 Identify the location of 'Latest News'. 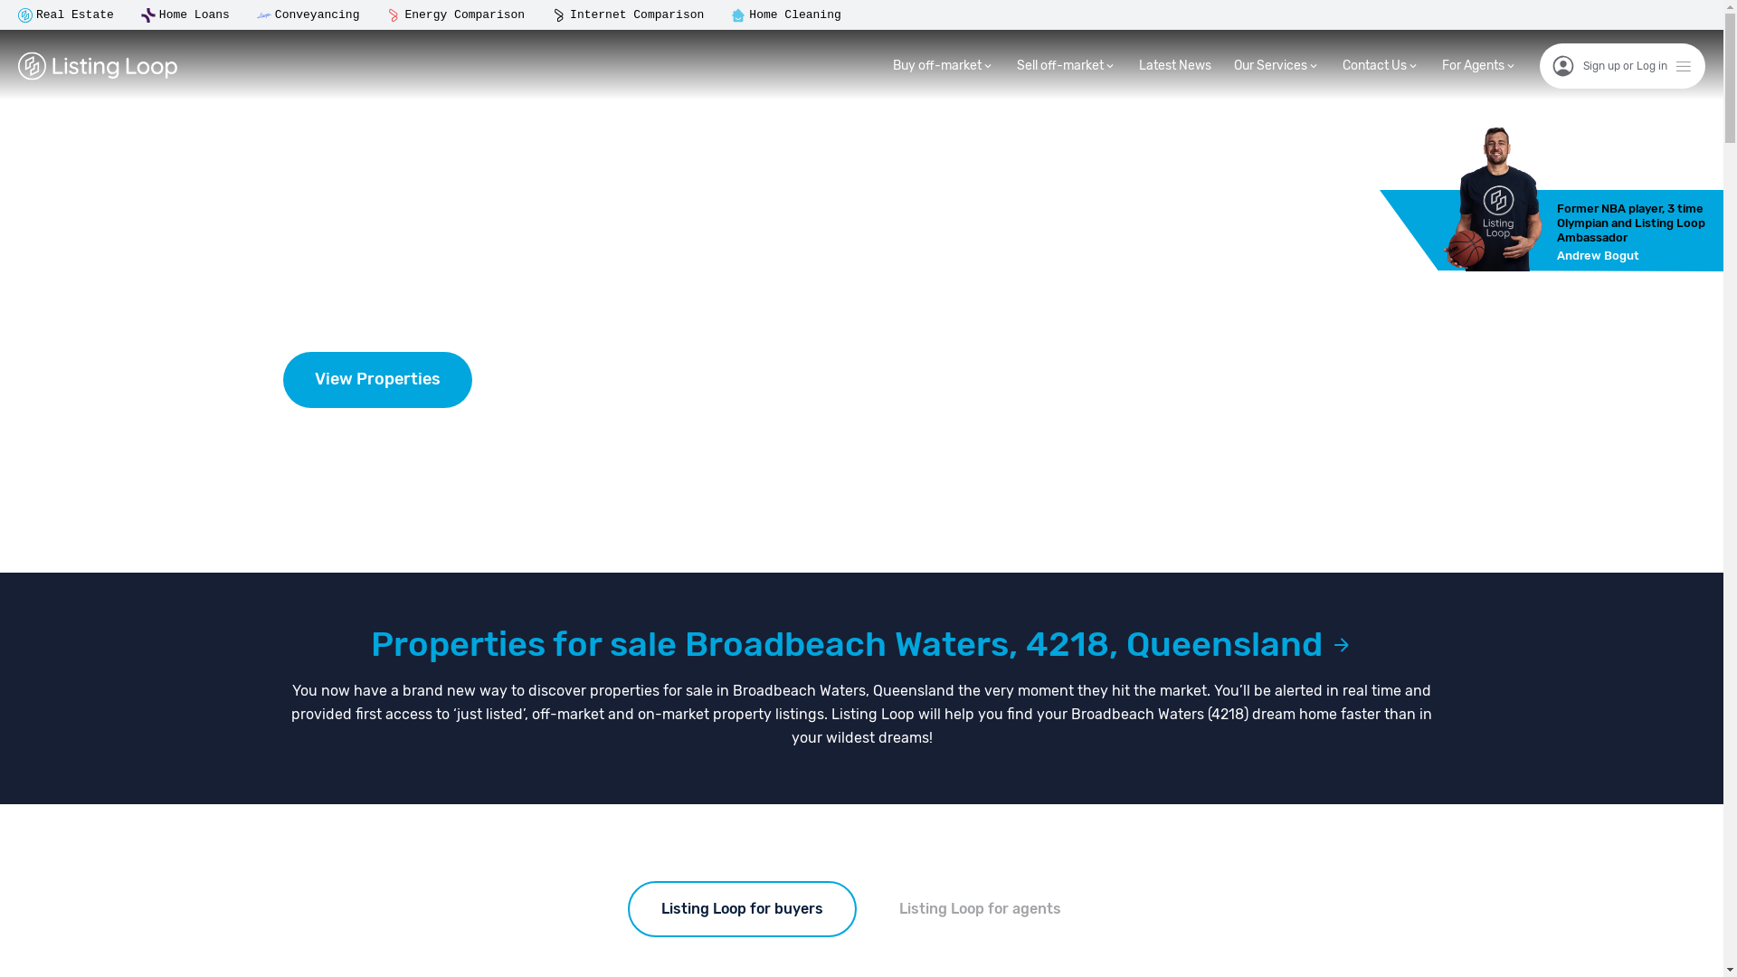
(1175, 64).